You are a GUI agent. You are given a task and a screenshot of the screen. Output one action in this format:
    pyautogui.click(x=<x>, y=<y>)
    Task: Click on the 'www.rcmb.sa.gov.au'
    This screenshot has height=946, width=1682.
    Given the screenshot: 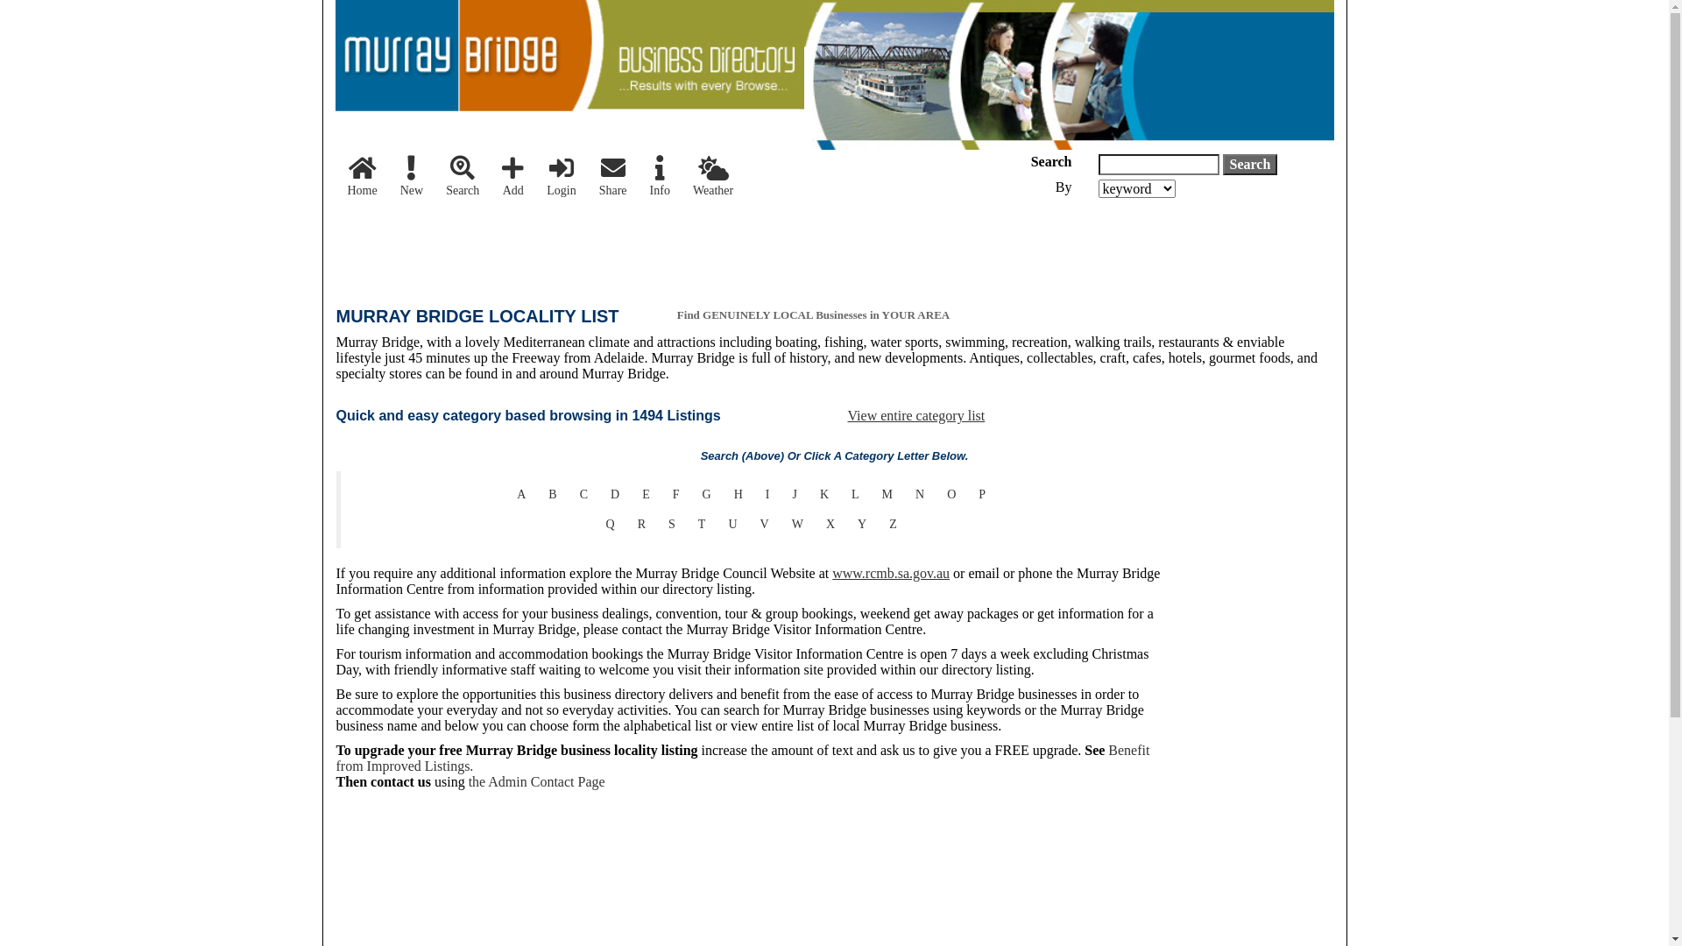 What is the action you would take?
    pyautogui.click(x=831, y=573)
    